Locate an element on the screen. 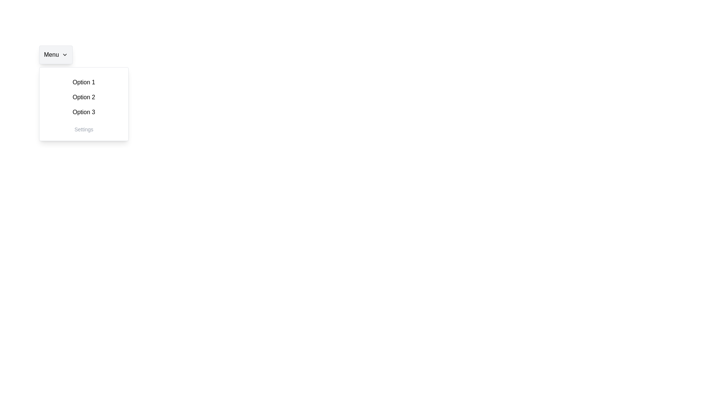 This screenshot has width=716, height=403. one of the text options in the vertically-aligned list labeled 'Option 1', 'Option 2', or 'Option 3' located in the dropdown menu under the 'Menu' button is located at coordinates (84, 97).